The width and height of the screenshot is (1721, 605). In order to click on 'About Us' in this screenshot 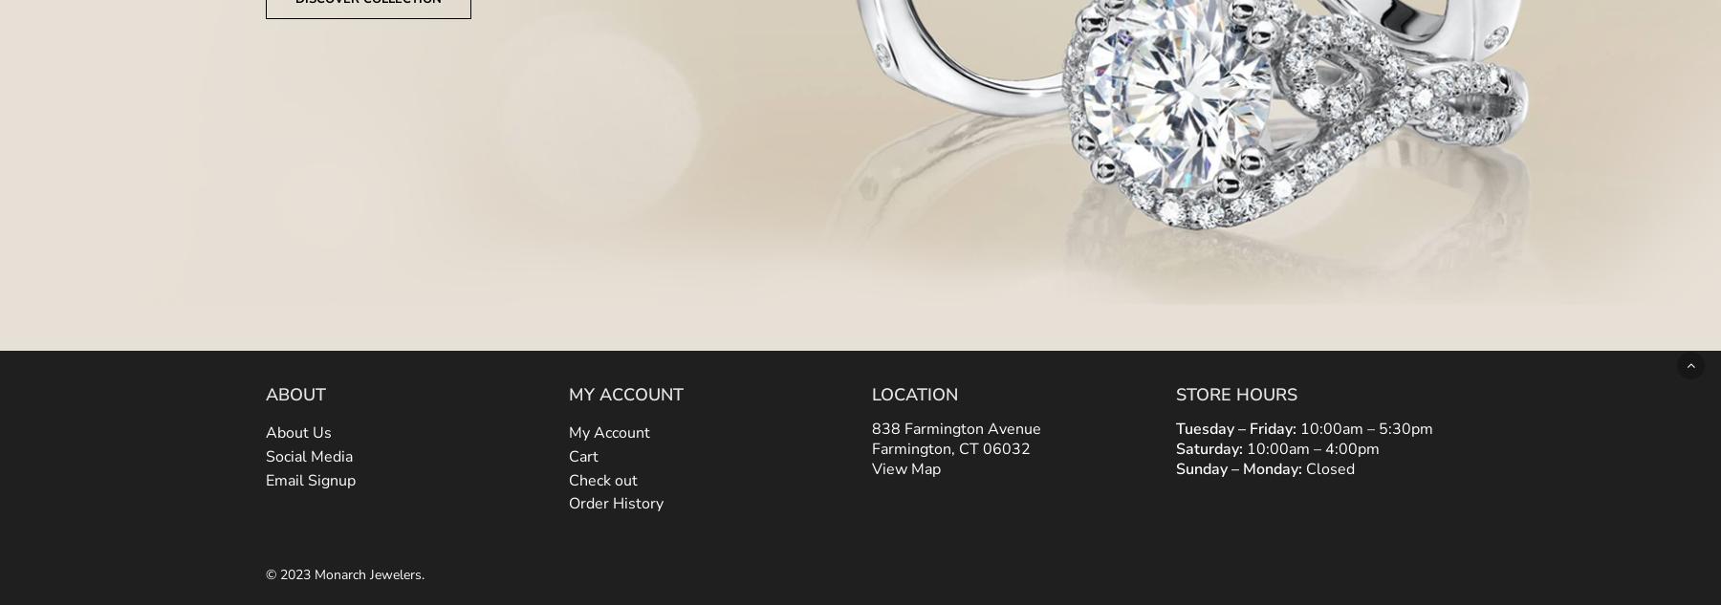, I will do `click(296, 431)`.